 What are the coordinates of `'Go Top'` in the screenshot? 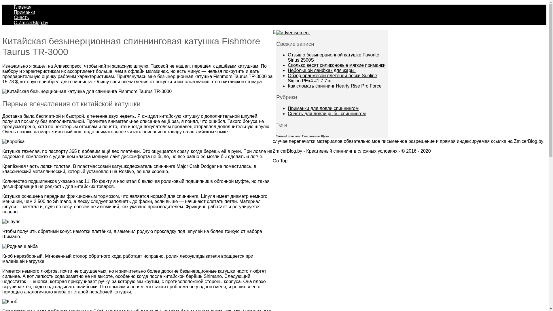 It's located at (272, 161).